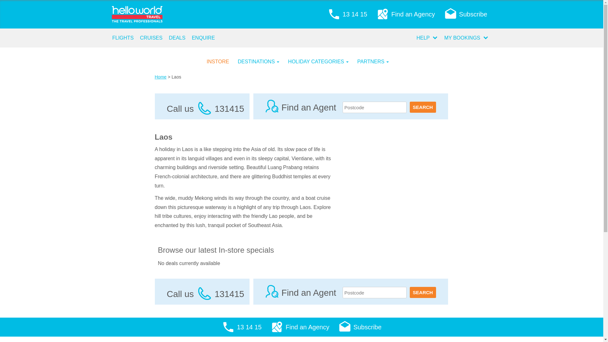  Describe the element at coordinates (347, 14) in the screenshot. I see `'13 14 15'` at that location.